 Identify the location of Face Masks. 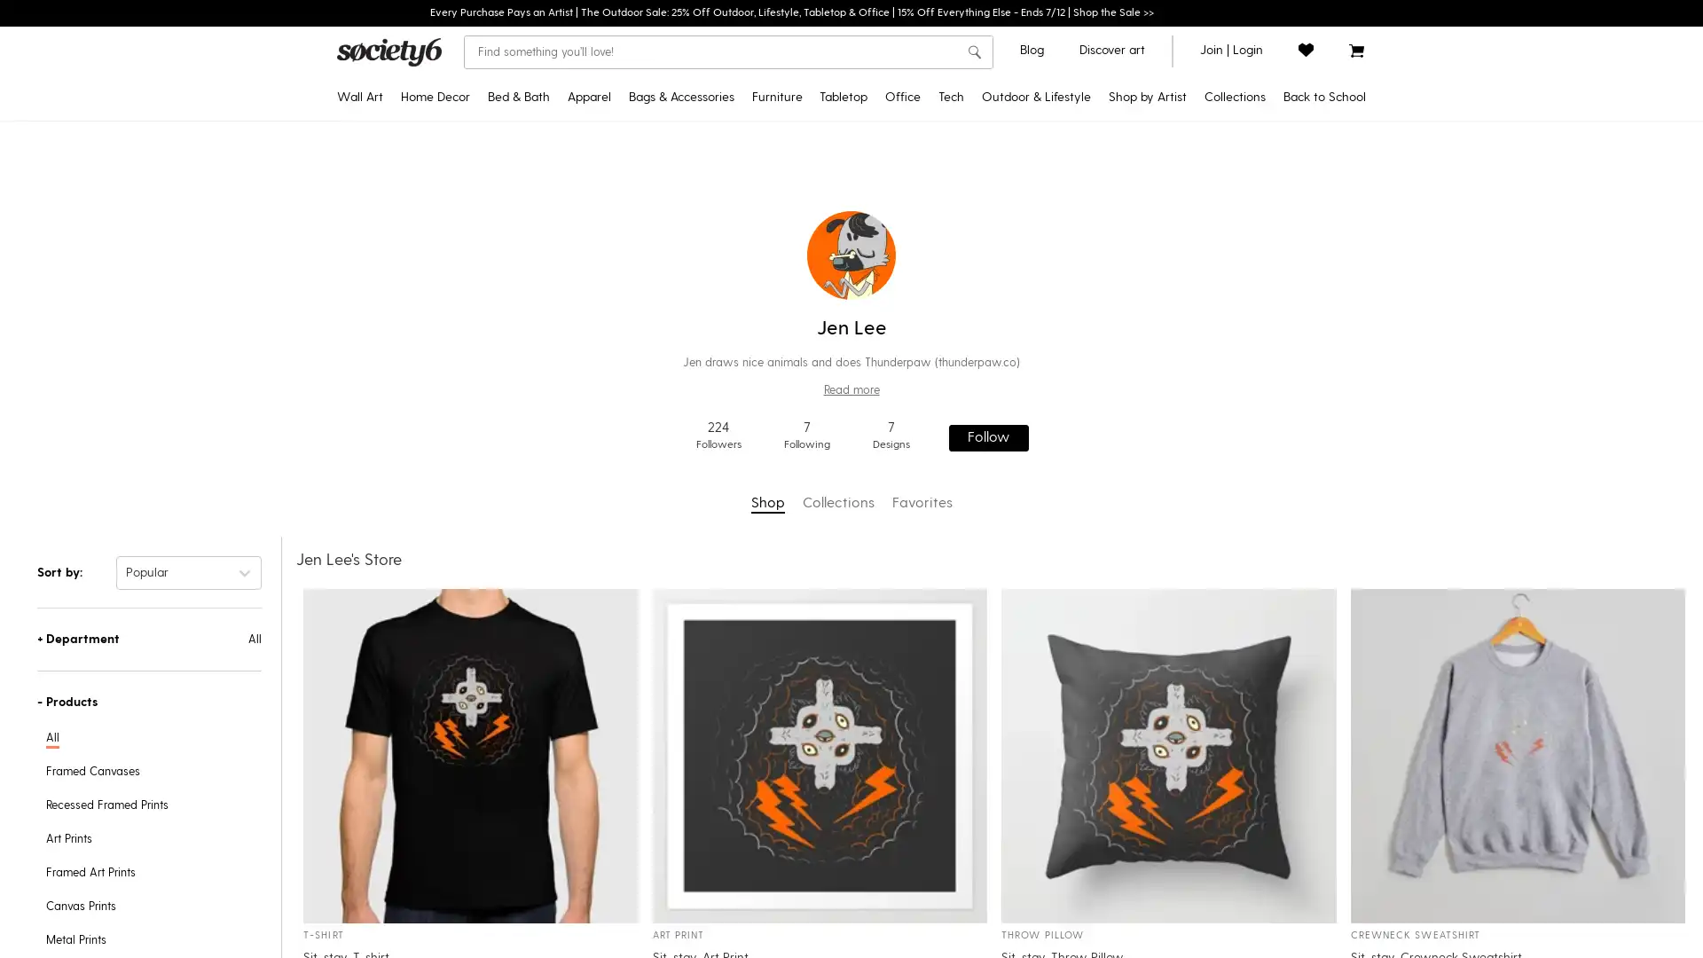
(693, 342).